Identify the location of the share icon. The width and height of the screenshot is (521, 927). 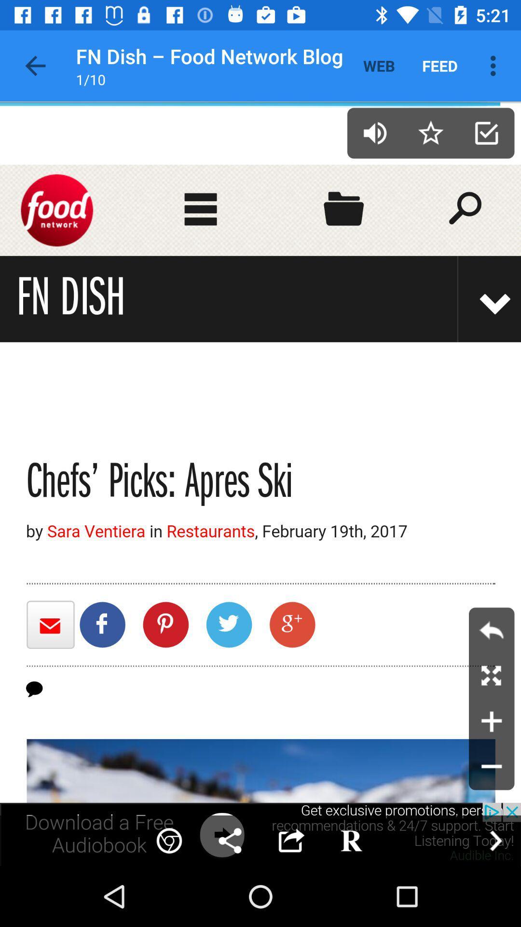
(290, 840).